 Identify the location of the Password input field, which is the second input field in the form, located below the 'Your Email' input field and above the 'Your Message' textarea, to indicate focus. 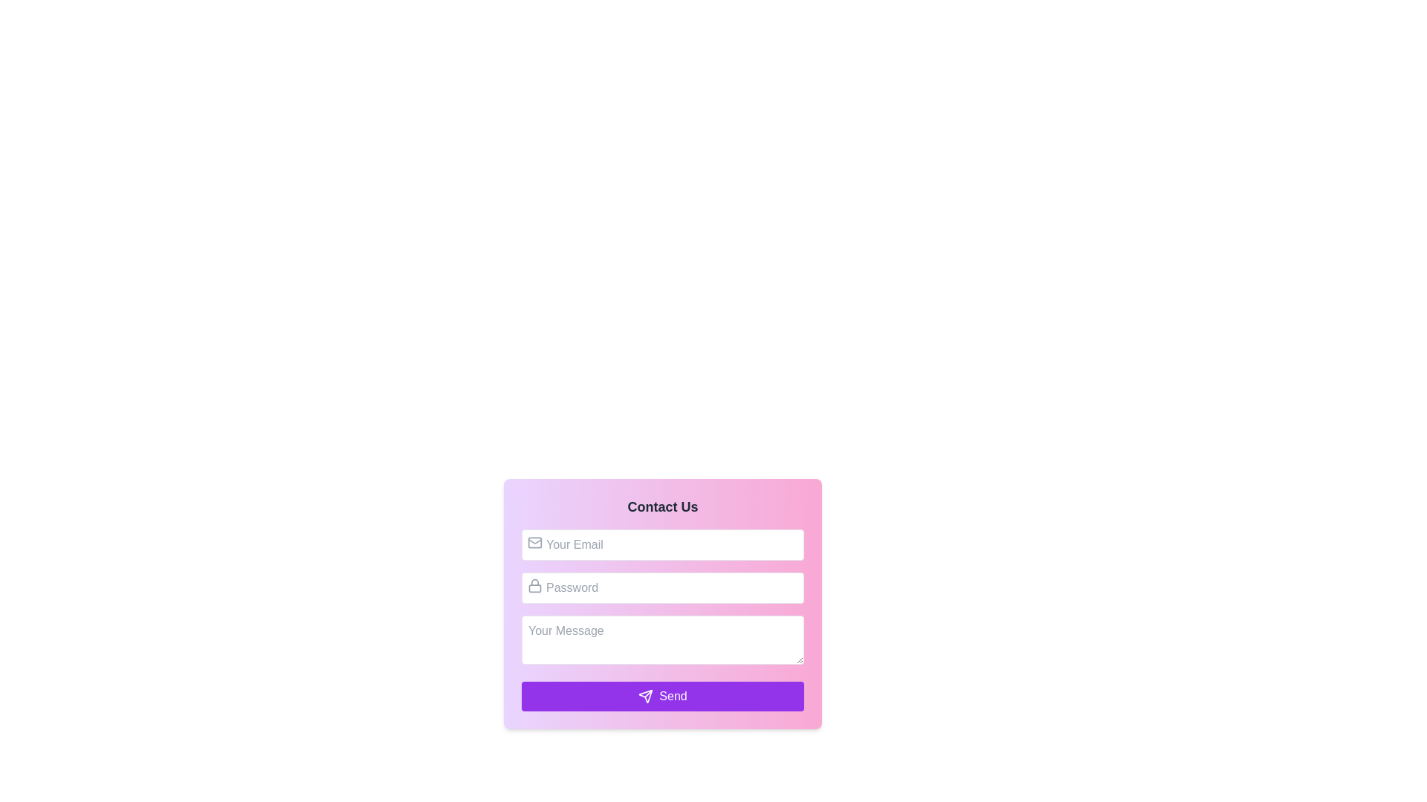
(662, 587).